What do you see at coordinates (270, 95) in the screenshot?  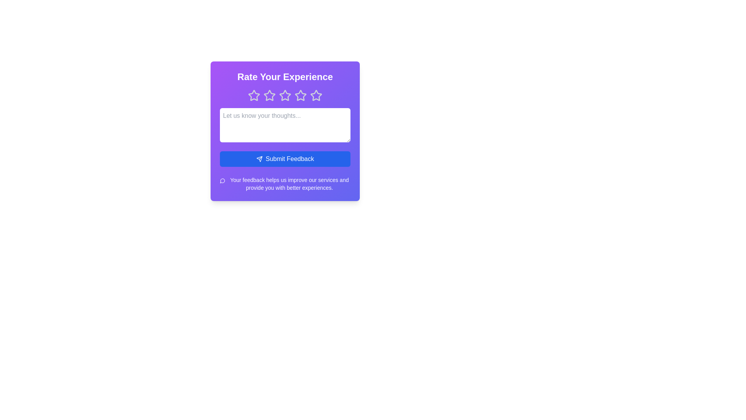 I see `the second star-shaped rating icon with a purple fill and a white border, located below the header 'Rate Your Experience'` at bounding box center [270, 95].